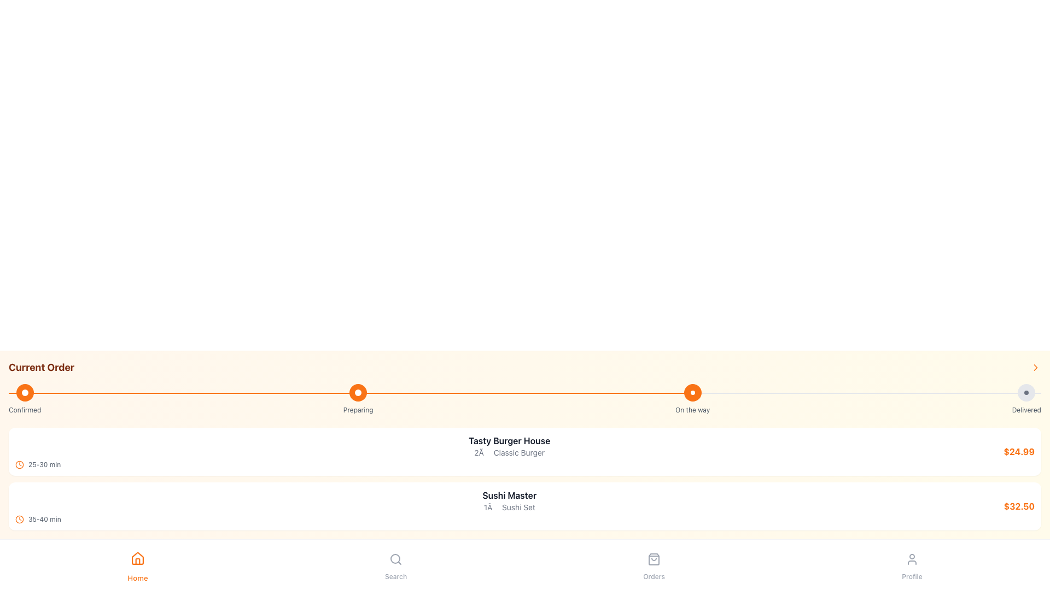  What do you see at coordinates (25, 399) in the screenshot?
I see `the Circular progress indicator labeled 'Confirmed' in the progress tracker bar, which visually indicates the current status of the process` at bounding box center [25, 399].